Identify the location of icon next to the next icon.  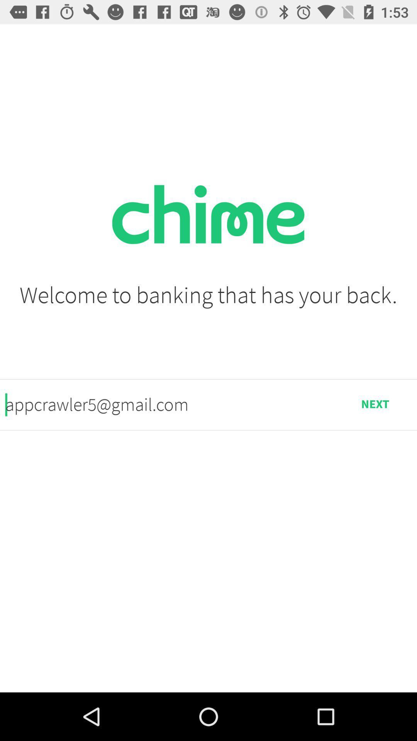
(169, 404).